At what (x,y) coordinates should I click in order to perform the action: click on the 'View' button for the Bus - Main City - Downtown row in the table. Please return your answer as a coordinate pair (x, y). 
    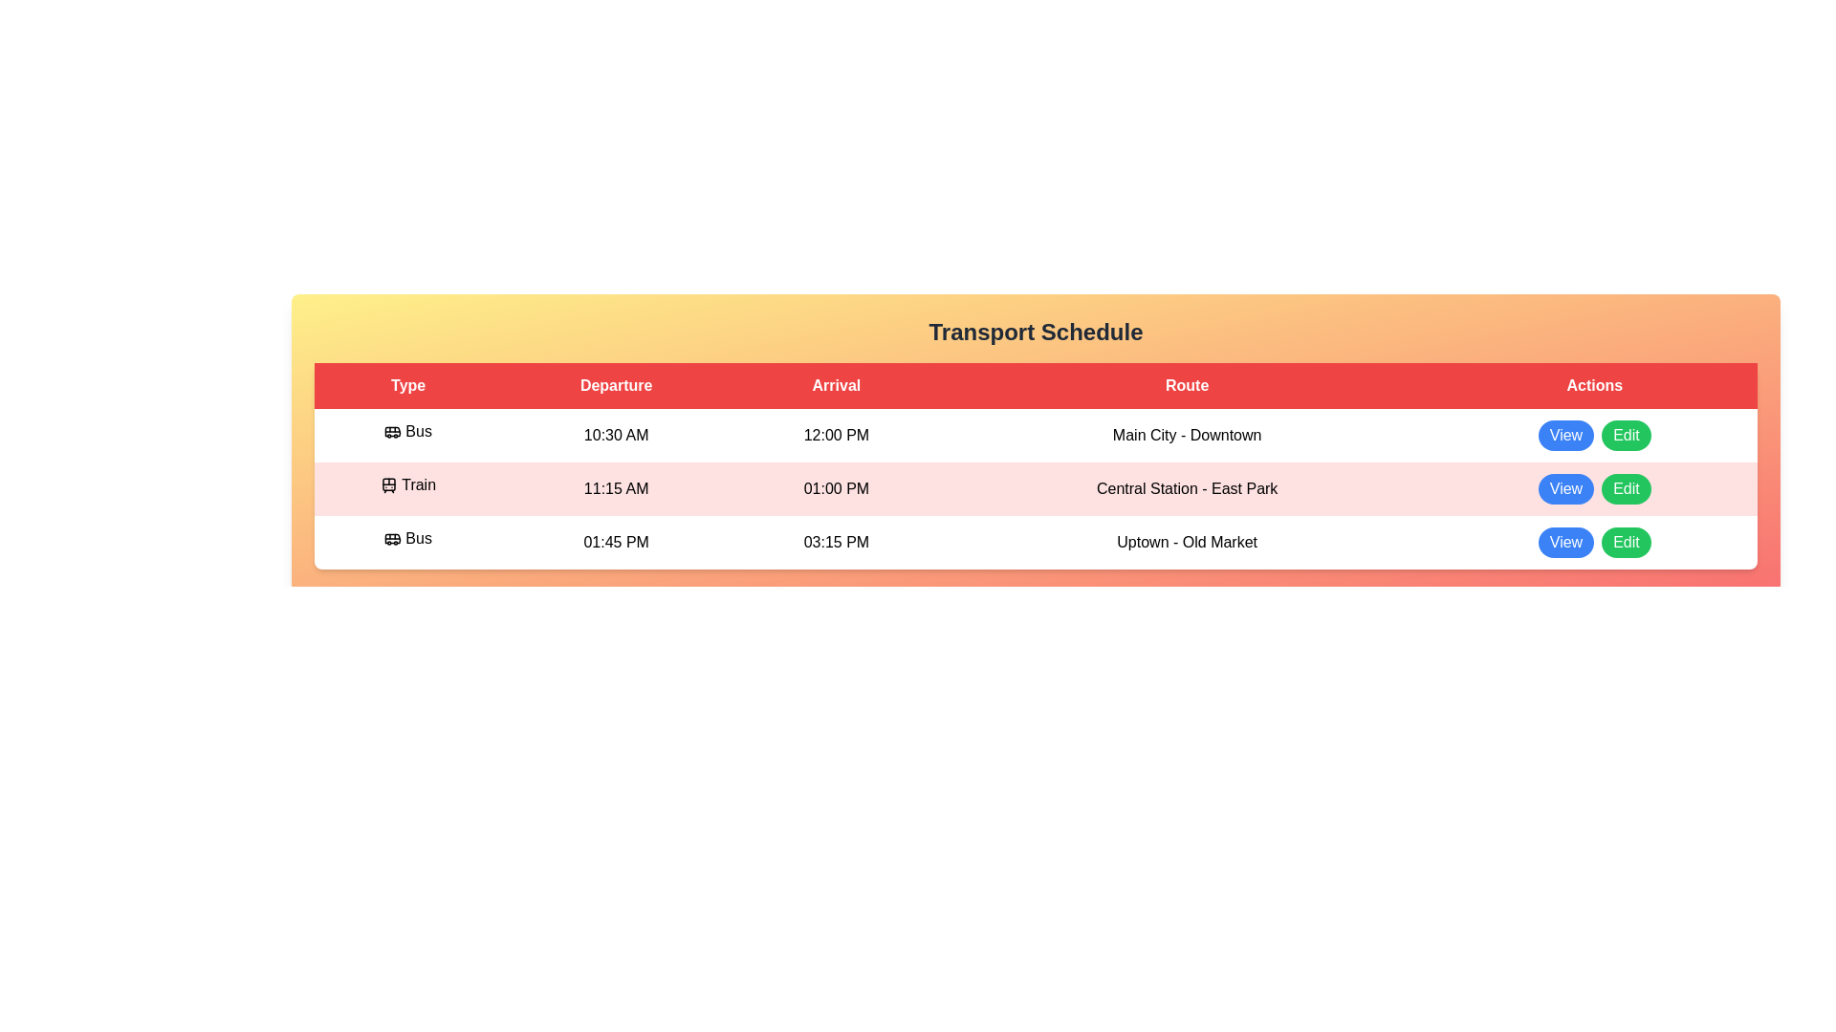
    Looking at the image, I should click on (1565, 435).